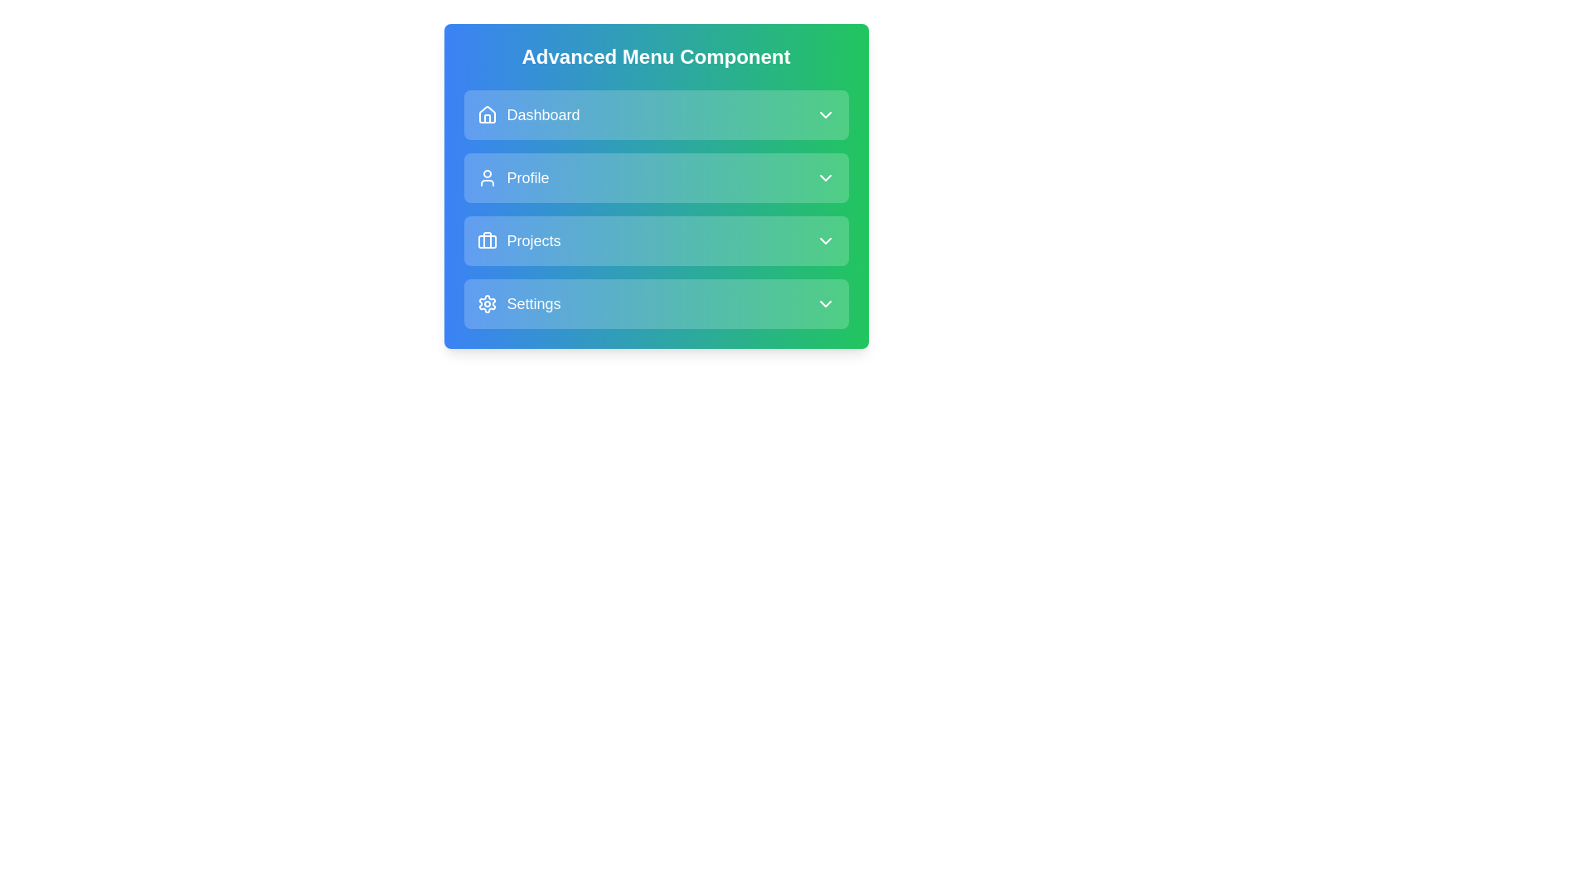 This screenshot has height=895, width=1592. What do you see at coordinates (655, 303) in the screenshot?
I see `the Settings button, which is the last item in a vertical list within the menu` at bounding box center [655, 303].